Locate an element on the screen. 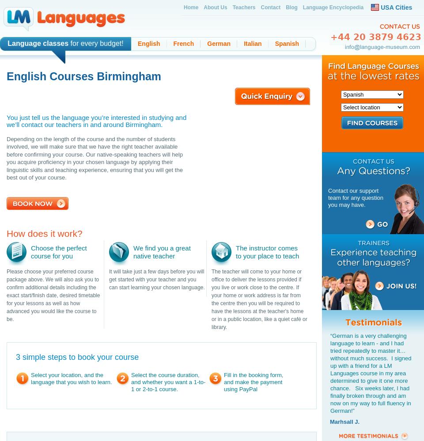  'Marhsall J.' is located at coordinates (329, 421).